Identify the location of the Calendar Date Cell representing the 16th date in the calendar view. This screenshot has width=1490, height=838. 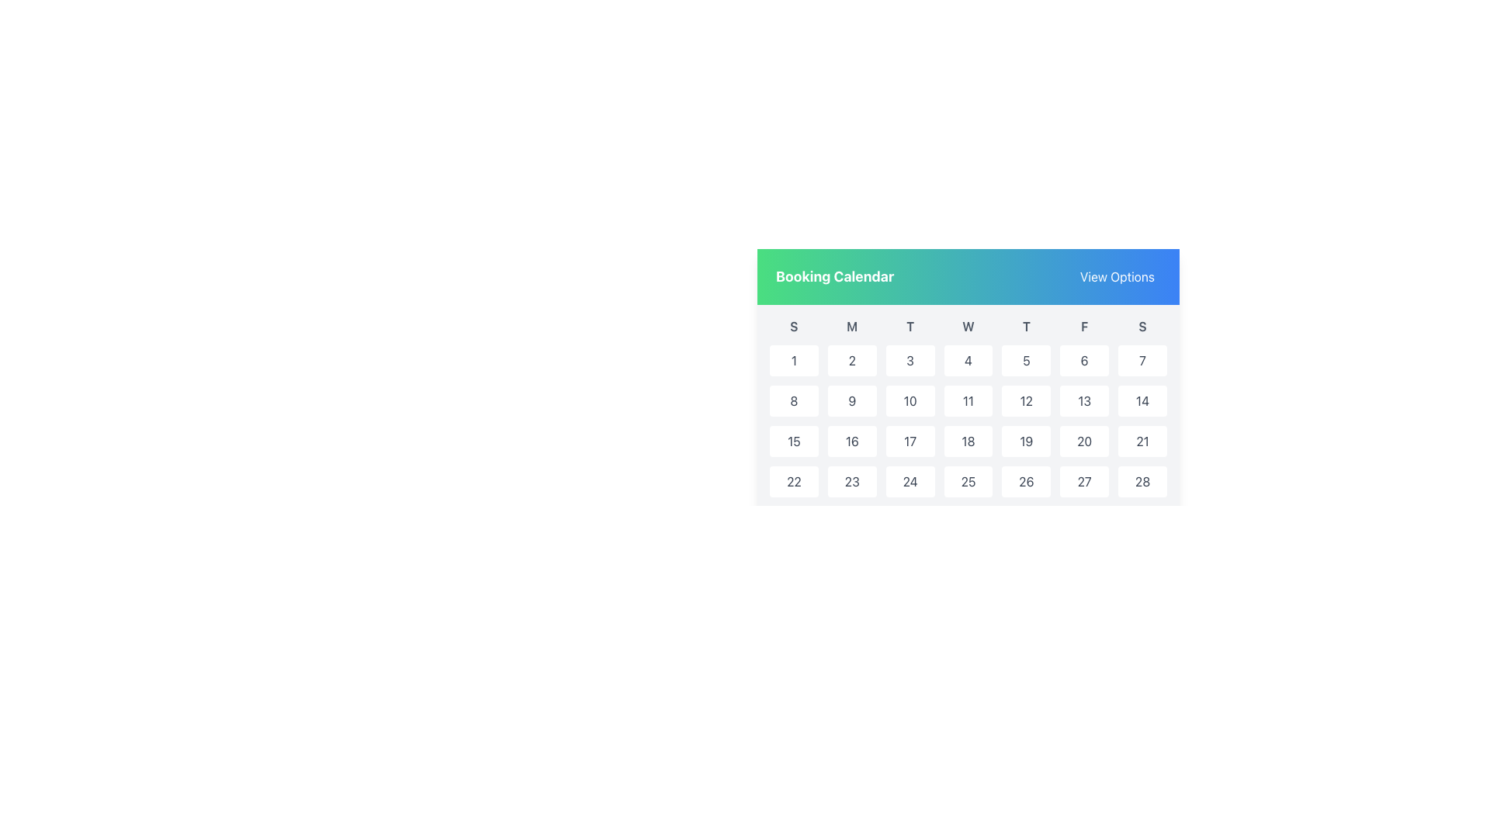
(851, 442).